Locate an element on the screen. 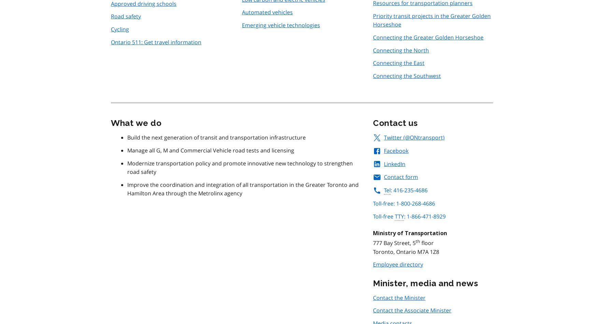 This screenshot has height=324, width=604. 'Road safety' is located at coordinates (110, 16).